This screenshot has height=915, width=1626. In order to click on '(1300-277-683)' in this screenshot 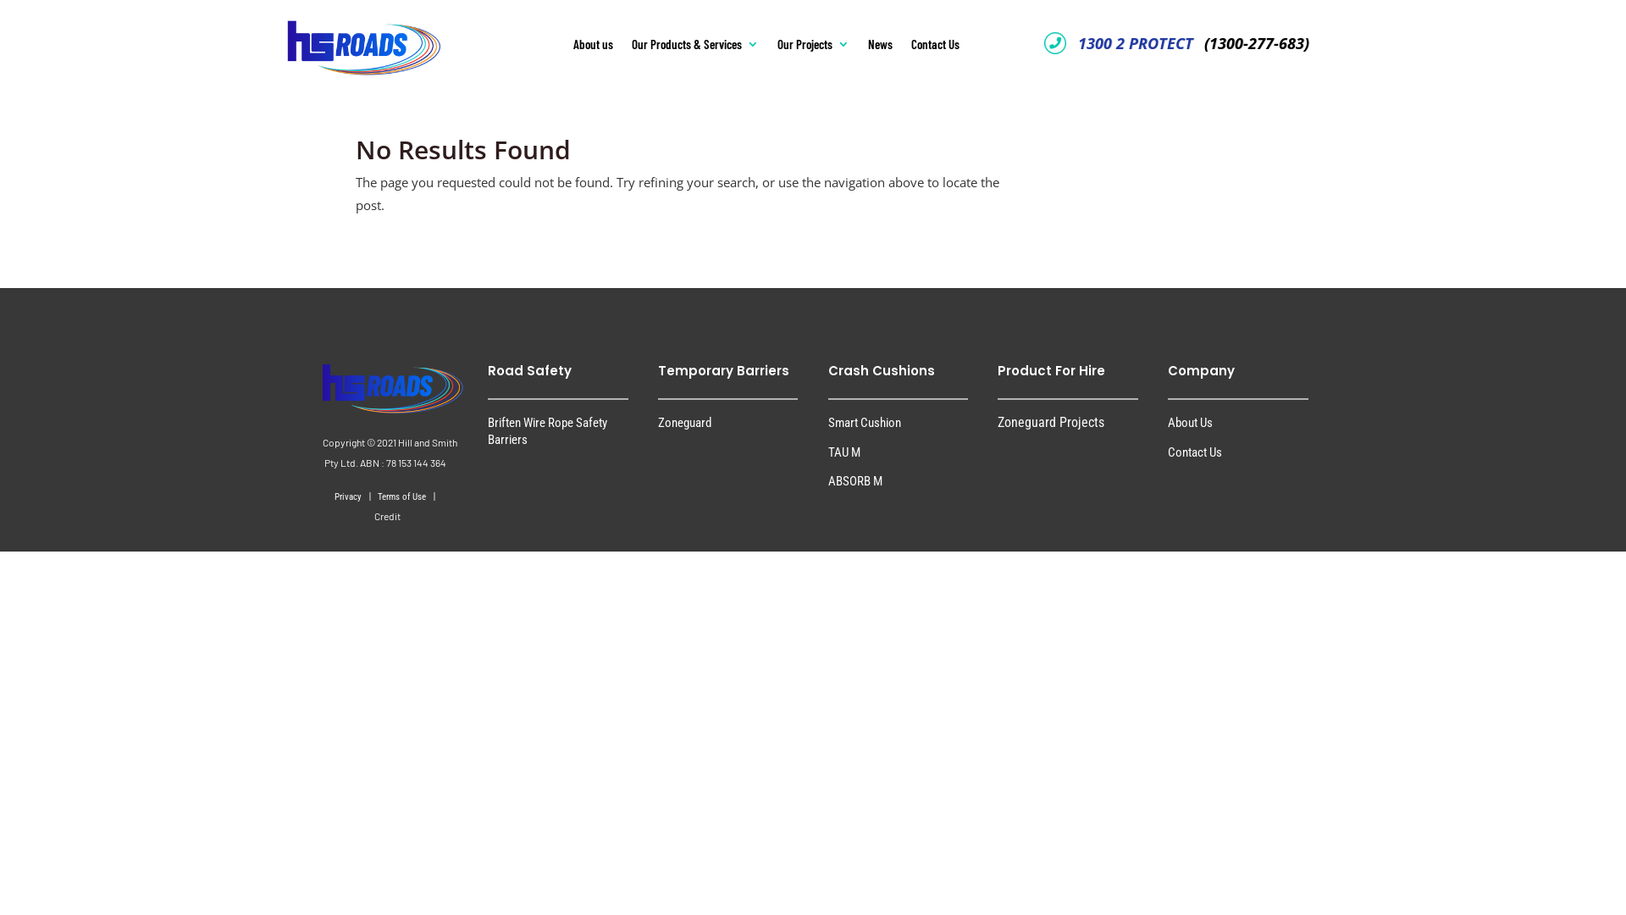, I will do `click(1253, 42)`.